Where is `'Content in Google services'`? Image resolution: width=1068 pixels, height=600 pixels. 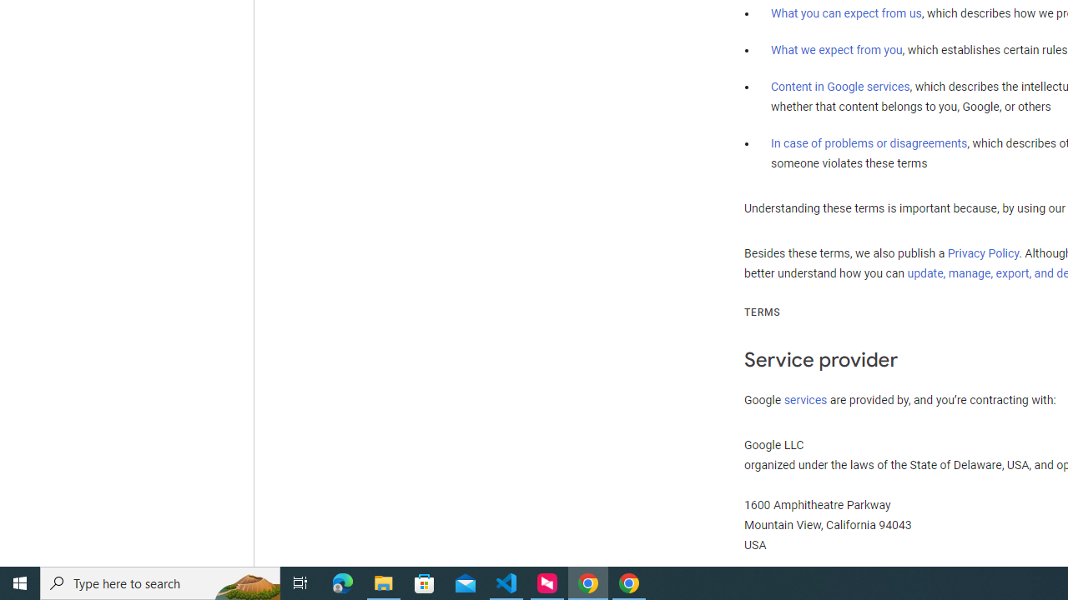
'Content in Google services' is located at coordinates (840, 87).